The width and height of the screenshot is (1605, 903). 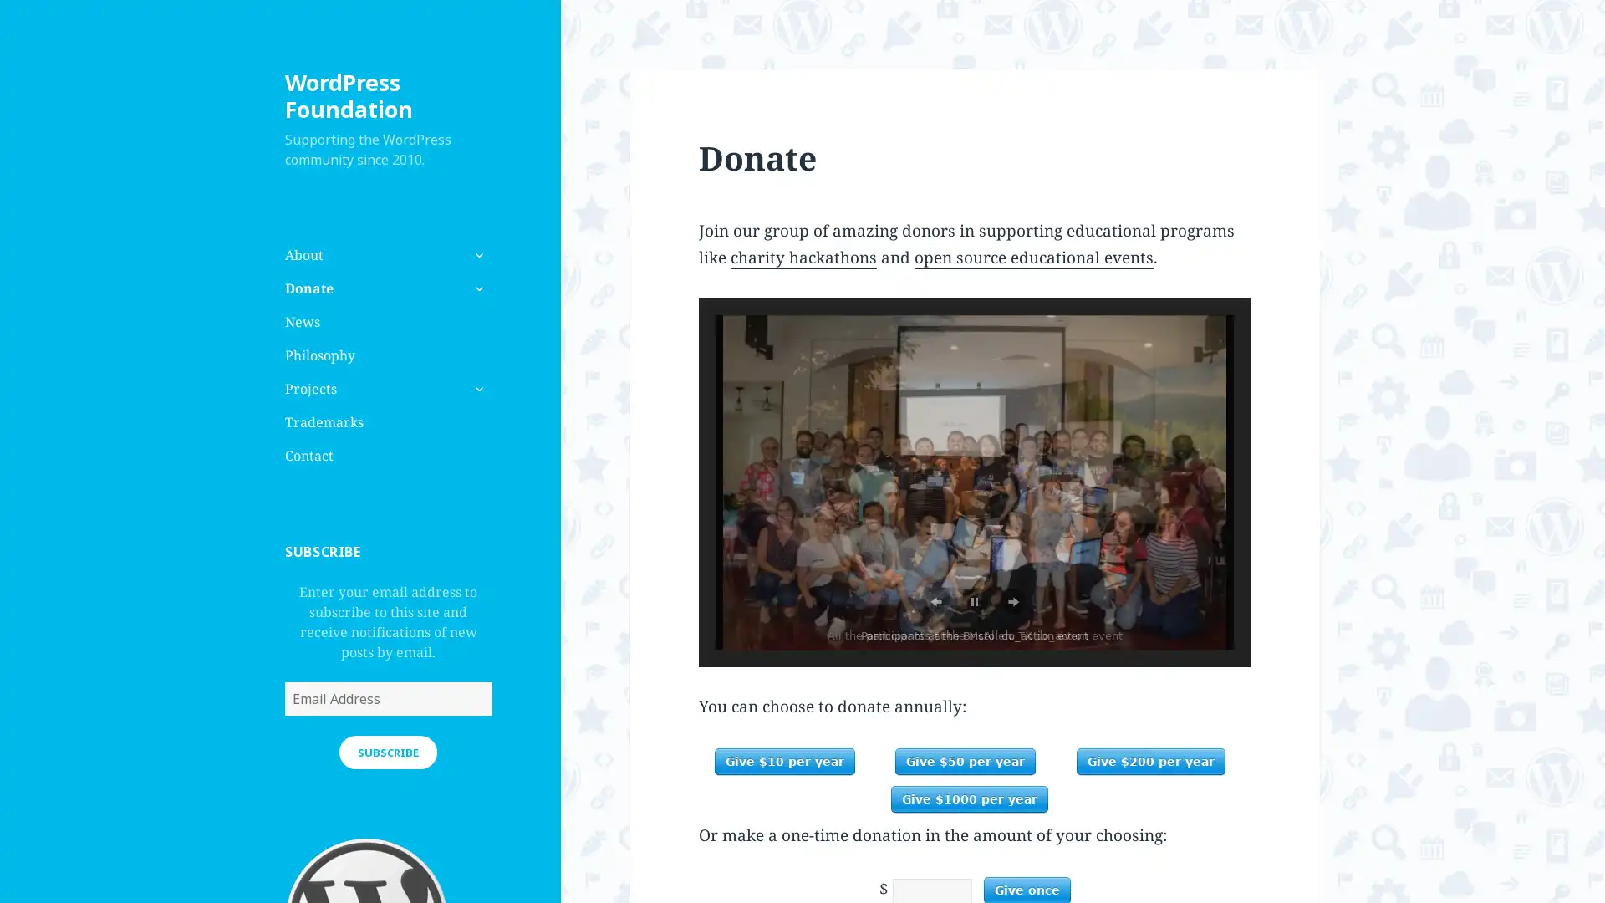 I want to click on Give $1000 per year, so click(x=970, y=798).